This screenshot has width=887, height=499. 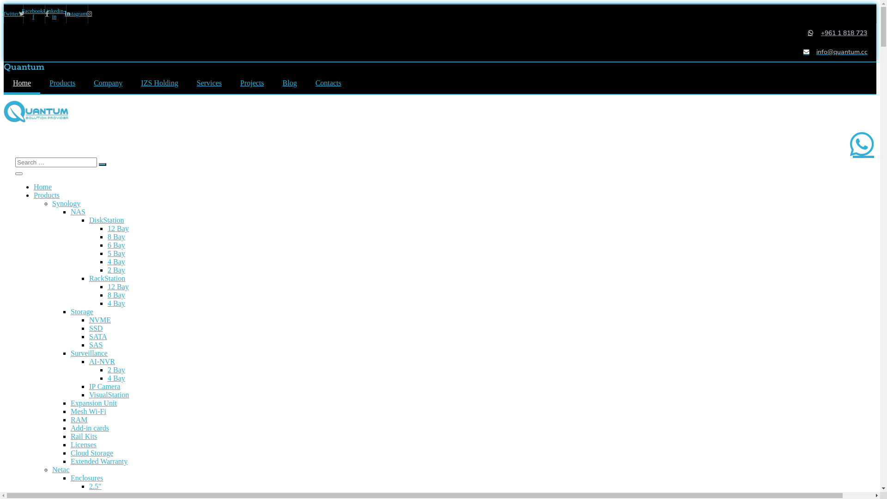 I want to click on 'Cloud Storage', so click(x=70, y=452).